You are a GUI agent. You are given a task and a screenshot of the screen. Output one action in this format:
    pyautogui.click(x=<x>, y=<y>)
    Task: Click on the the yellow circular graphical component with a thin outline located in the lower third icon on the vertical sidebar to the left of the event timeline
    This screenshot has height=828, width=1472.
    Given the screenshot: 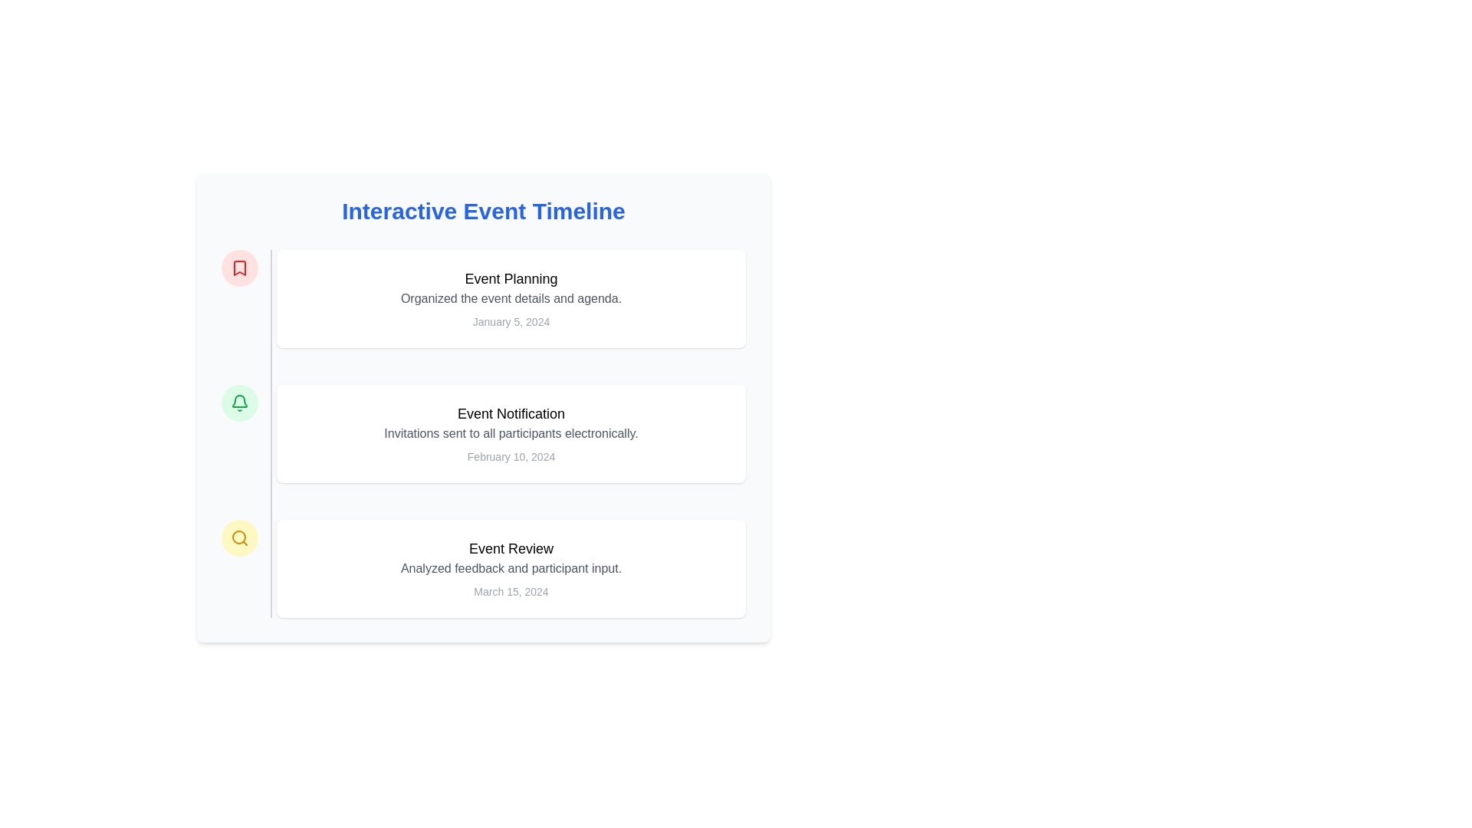 What is the action you would take?
    pyautogui.click(x=238, y=537)
    